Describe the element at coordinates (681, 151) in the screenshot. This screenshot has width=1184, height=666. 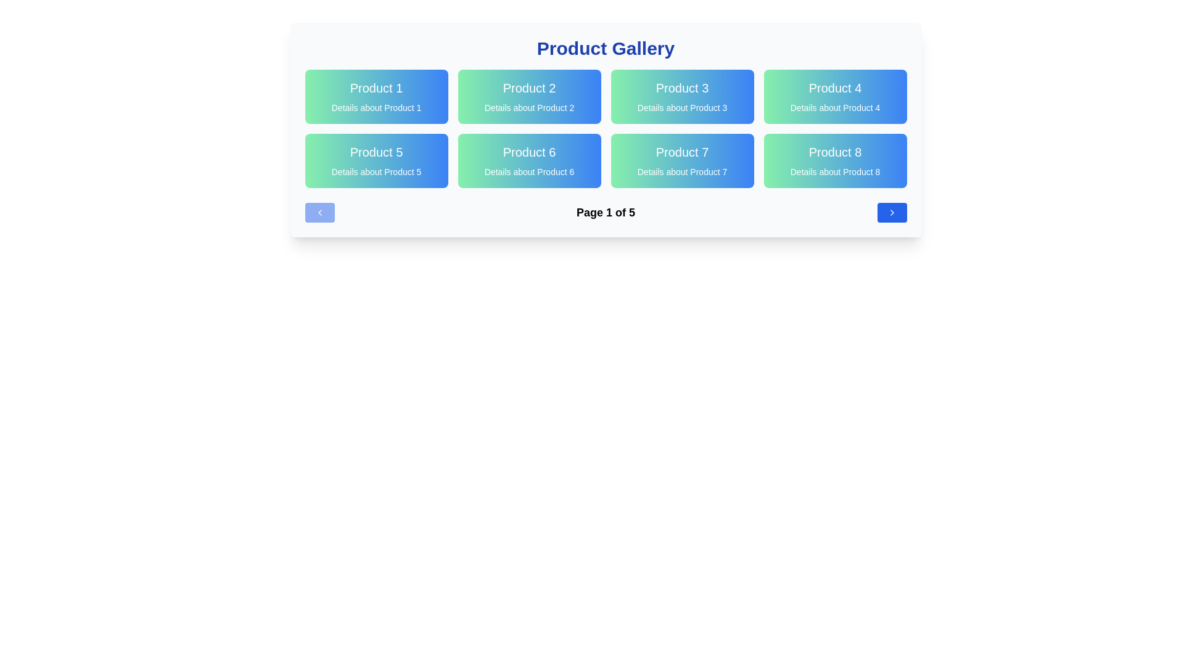
I see `the non-interactive text label displaying 'Product 7', which is located in the second row of the product gallery grid, specifically the third card from the left` at that location.